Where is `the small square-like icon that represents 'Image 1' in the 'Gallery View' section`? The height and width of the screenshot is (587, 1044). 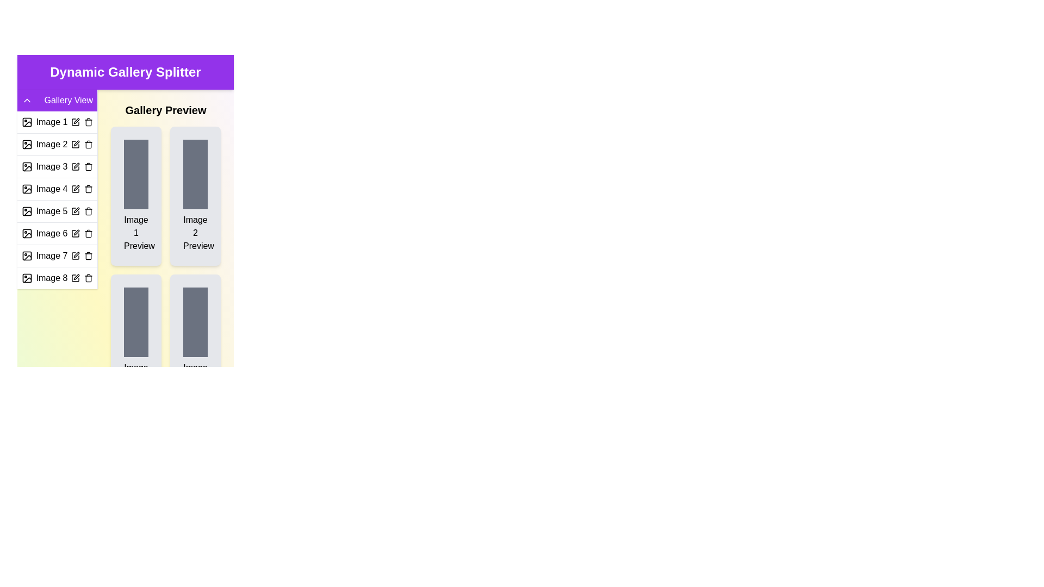 the small square-like icon that represents 'Image 1' in the 'Gallery View' section is located at coordinates (27, 122).